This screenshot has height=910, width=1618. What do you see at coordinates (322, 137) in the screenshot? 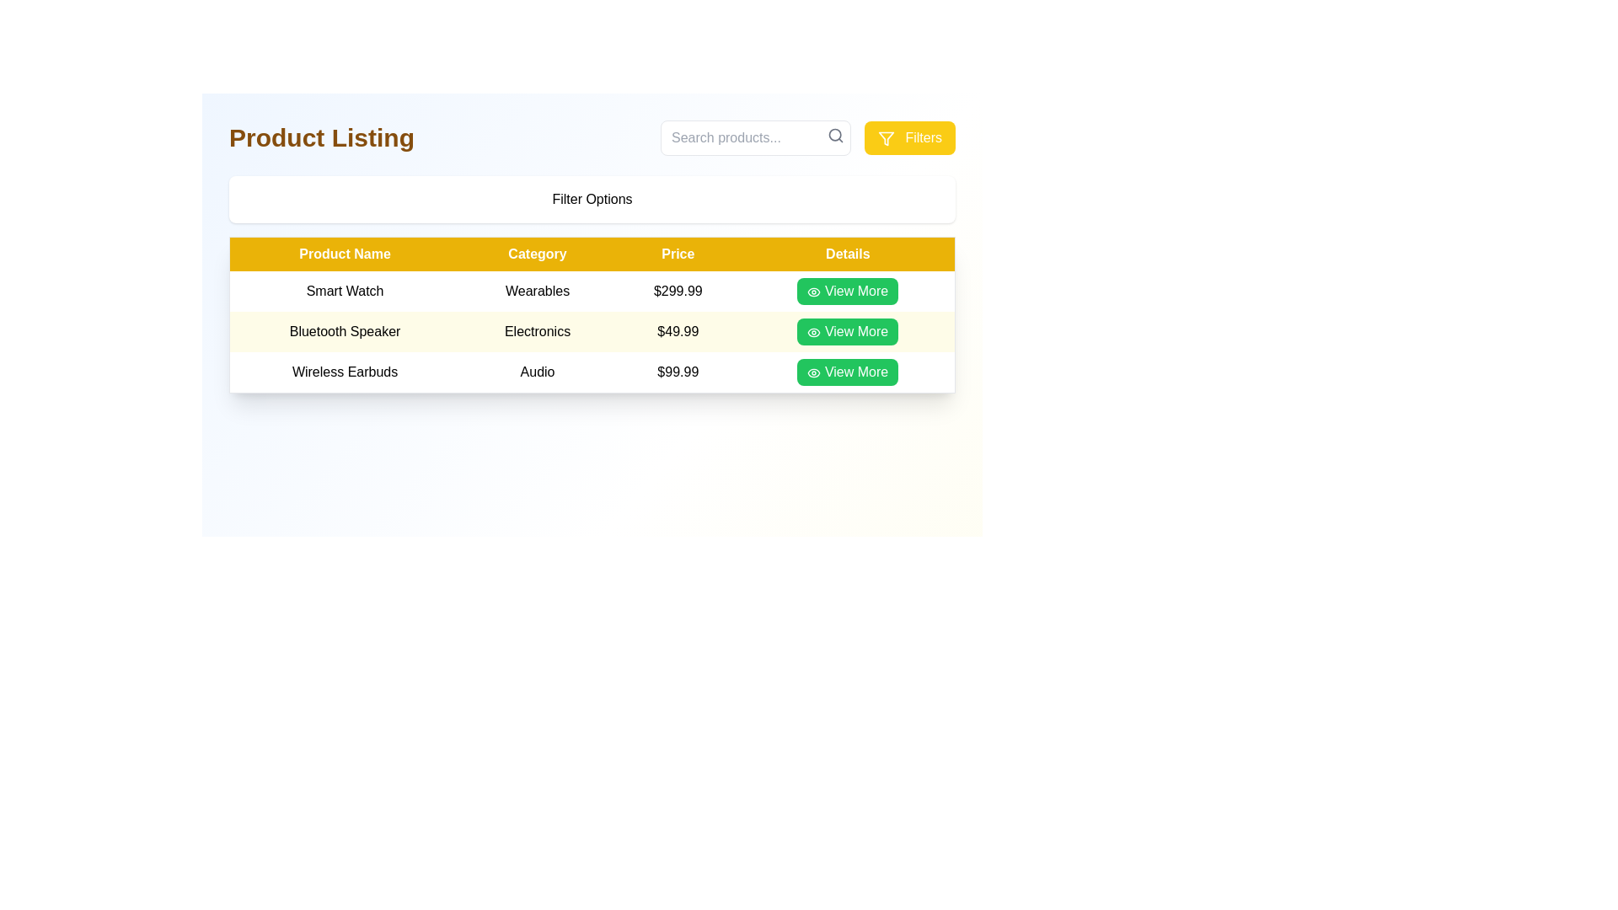
I see `the Header text displaying 'Product Listing' which is bold and yellow-brown, positioned above a table structure` at bounding box center [322, 137].